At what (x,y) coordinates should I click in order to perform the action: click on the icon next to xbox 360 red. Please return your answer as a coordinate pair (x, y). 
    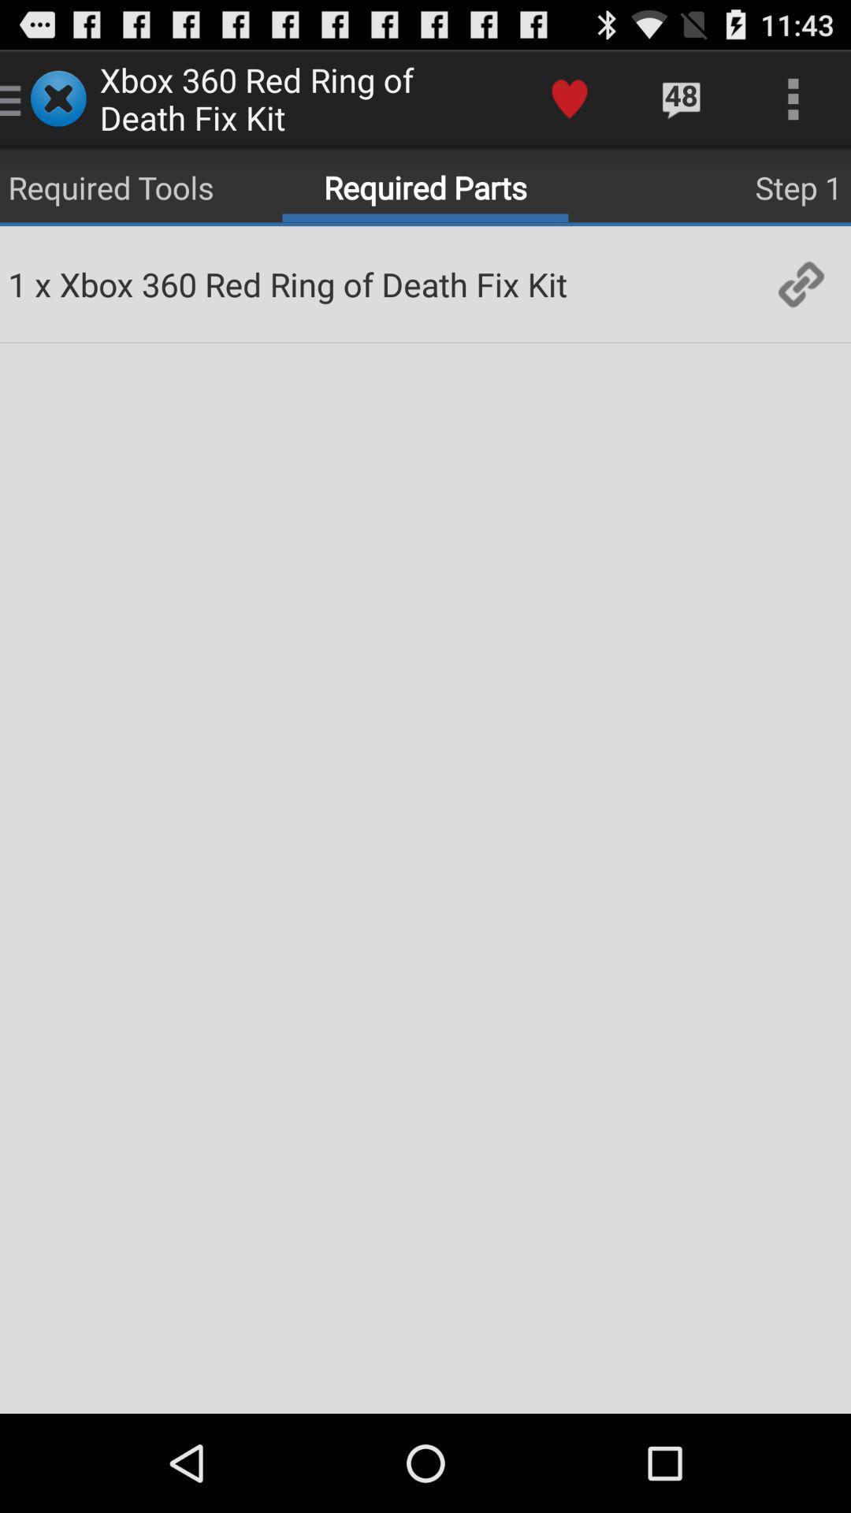
    Looking at the image, I should click on (42, 284).